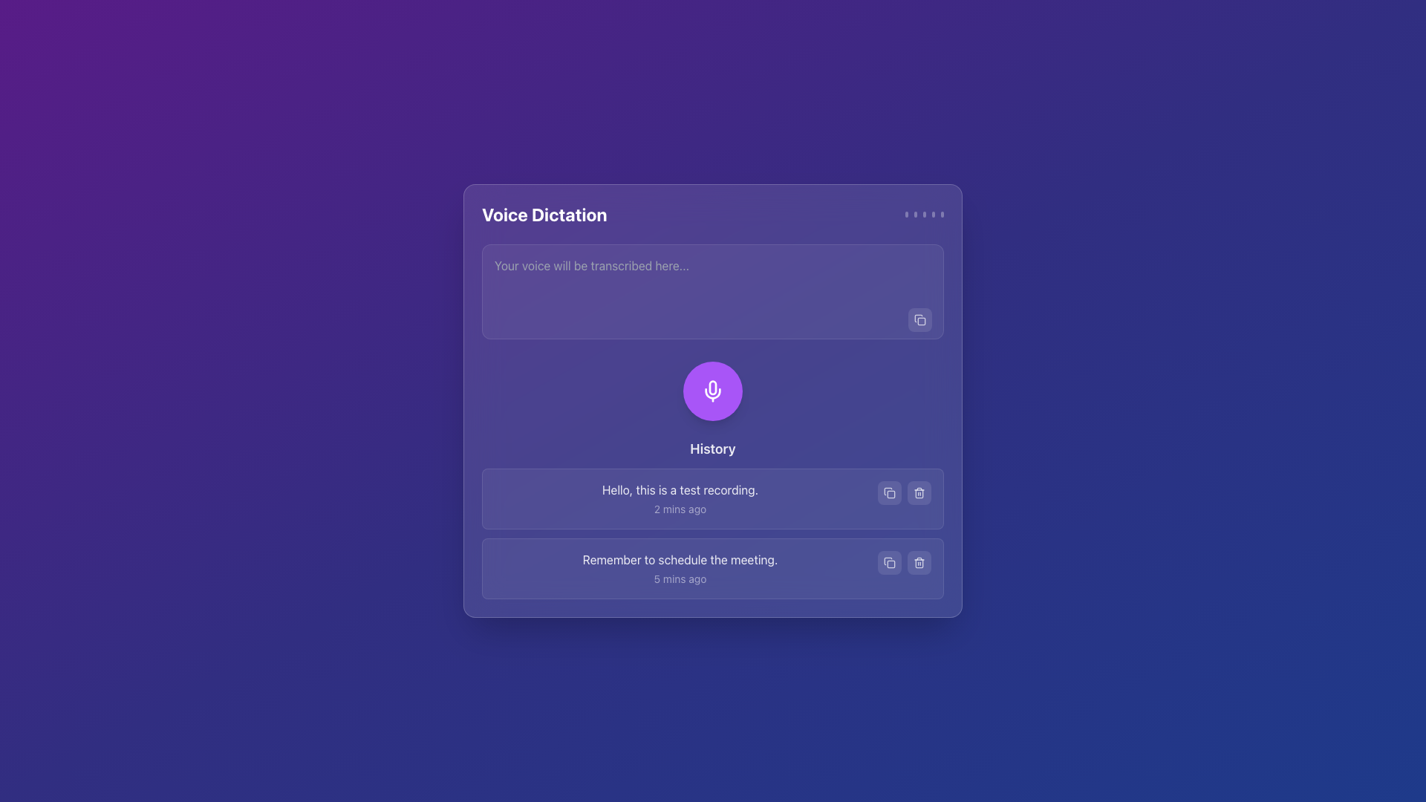  Describe the element at coordinates (680, 568) in the screenshot. I see `the informational text block displaying the message 'Remember to schedule the meeting.' and the timestamp '5 mins ago', located in the lower section of the main interface under the 'History' section as the second entry` at that location.